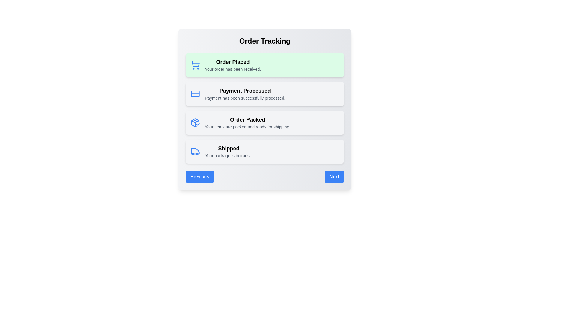  I want to click on the credit card icon with a blue outline located to the left of the 'Payment Processed' text in the order tracking interface, so click(195, 94).